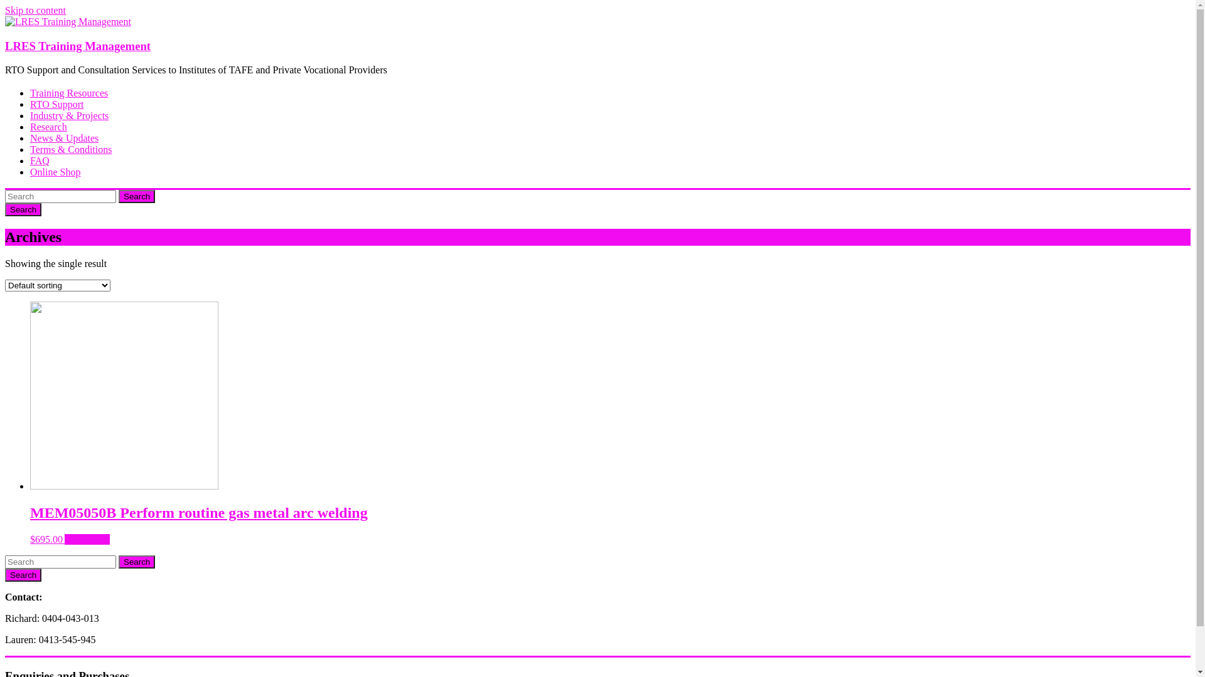 The height and width of the screenshot is (677, 1205). I want to click on 'Terms & Conditions', so click(70, 149).